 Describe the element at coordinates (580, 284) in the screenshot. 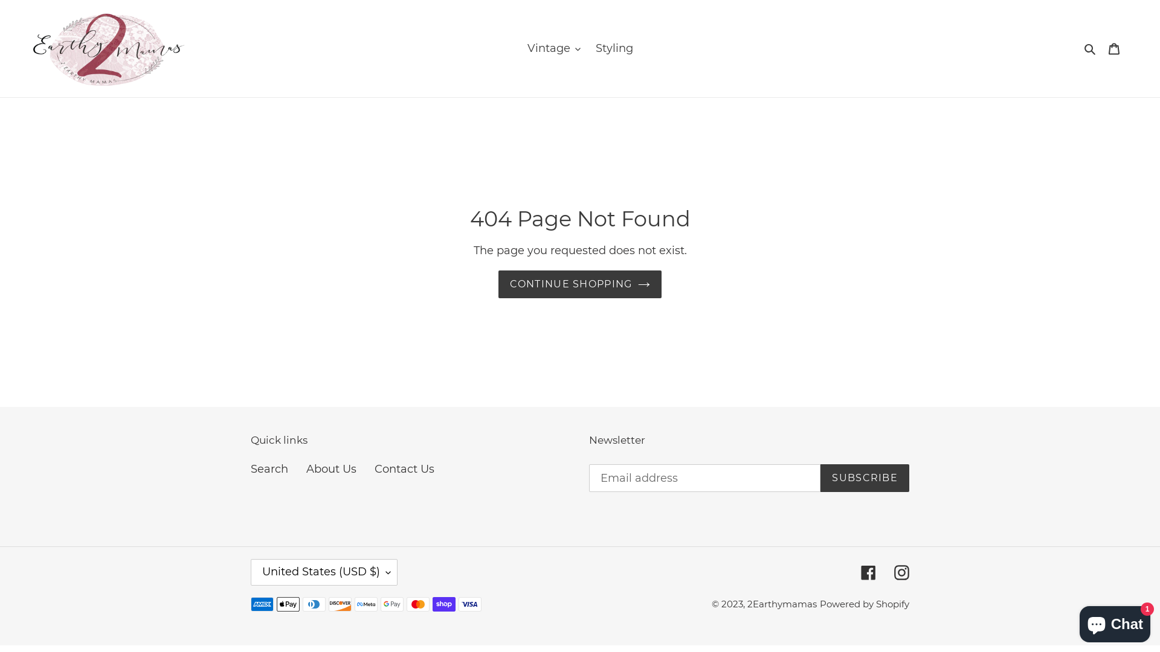

I see `'CONTINUE SHOPPING'` at that location.